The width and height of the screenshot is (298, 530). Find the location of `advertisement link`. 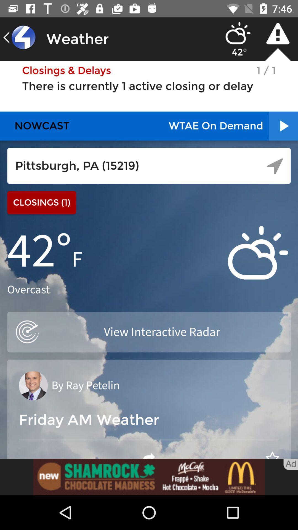

advertisement link is located at coordinates (149, 477).